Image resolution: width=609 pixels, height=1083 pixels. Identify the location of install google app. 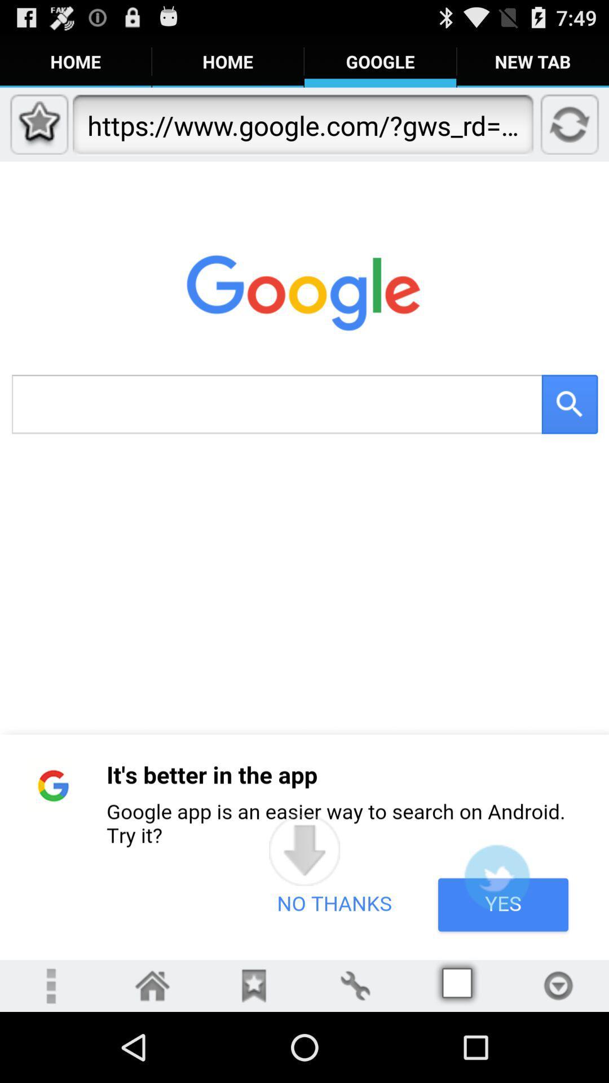
(496, 877).